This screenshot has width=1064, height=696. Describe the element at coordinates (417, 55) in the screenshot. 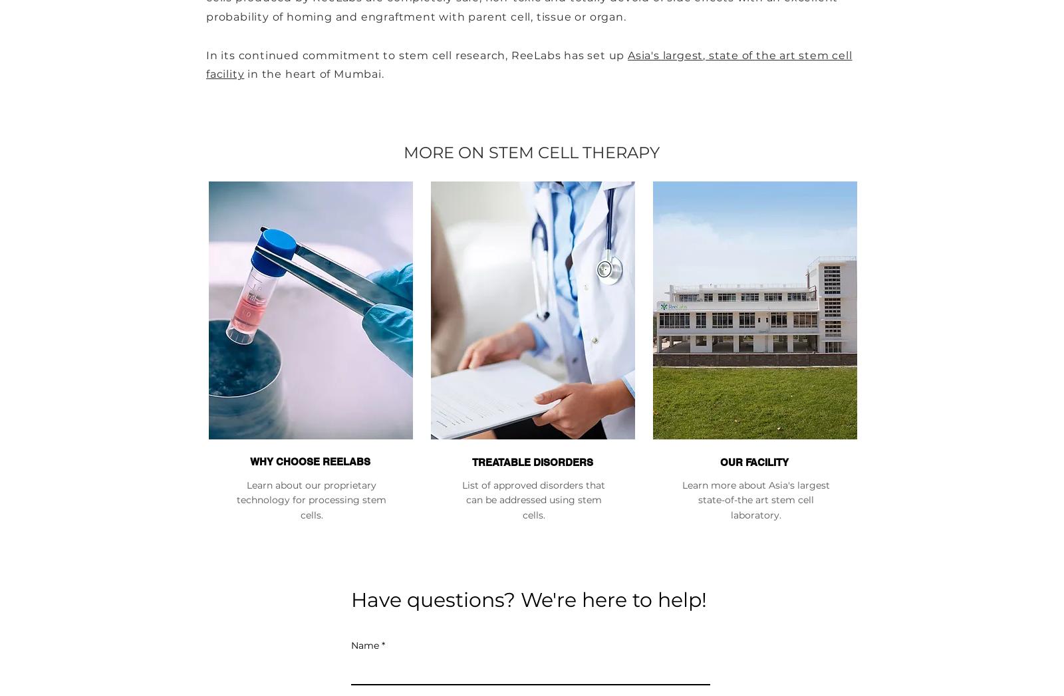

I see `'In its continued commitment to stem cell research, ReeLabs has set up'` at that location.